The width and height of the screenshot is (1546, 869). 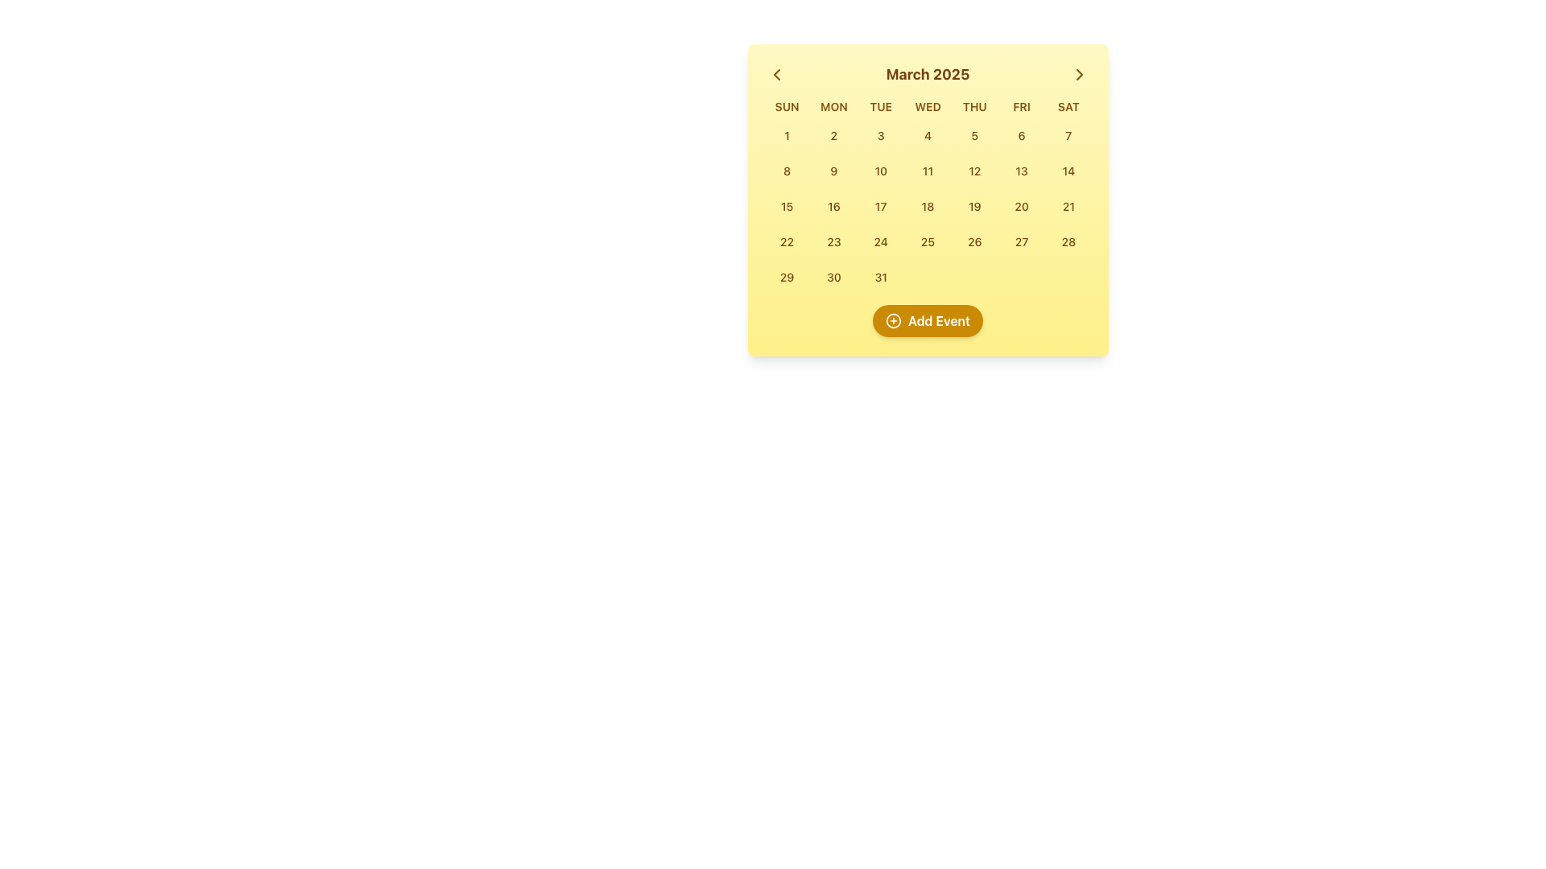 What do you see at coordinates (880, 205) in the screenshot?
I see `the text element displaying the number '17' within the calendar grid cell` at bounding box center [880, 205].